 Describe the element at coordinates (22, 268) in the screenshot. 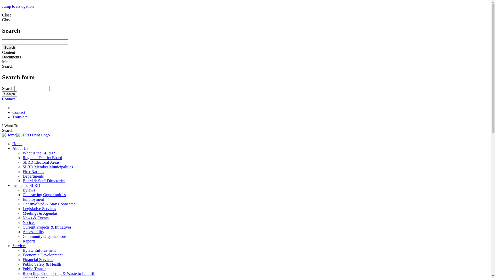

I see `'Public Transit'` at that location.